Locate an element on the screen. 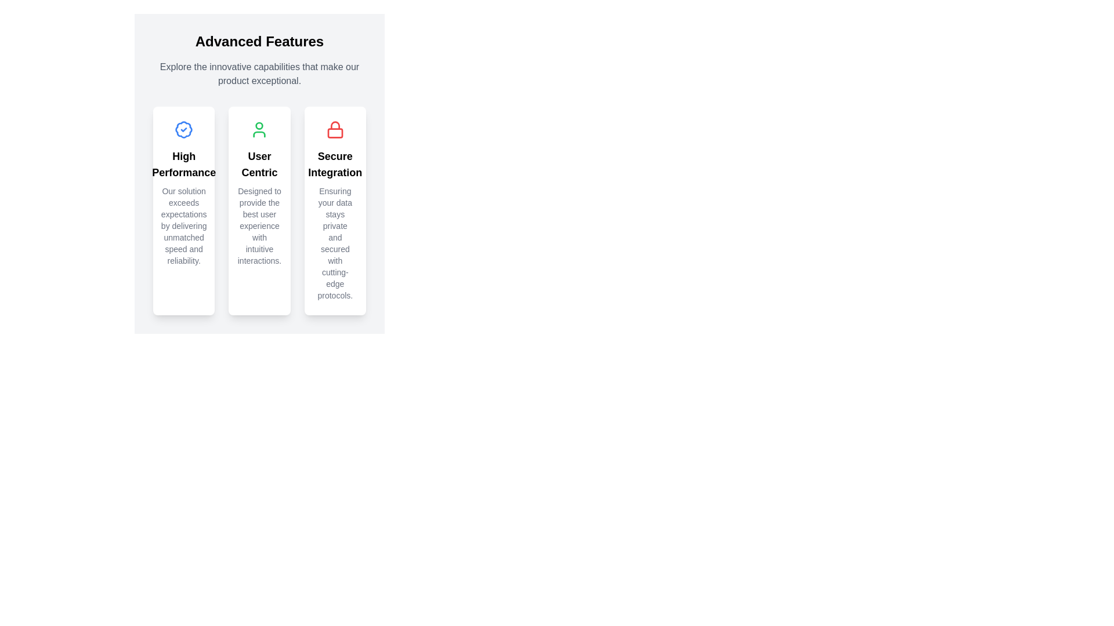  the informational subheading that provides additional context related to the 'Advanced Features' heading, located directly below it is located at coordinates (259, 74).